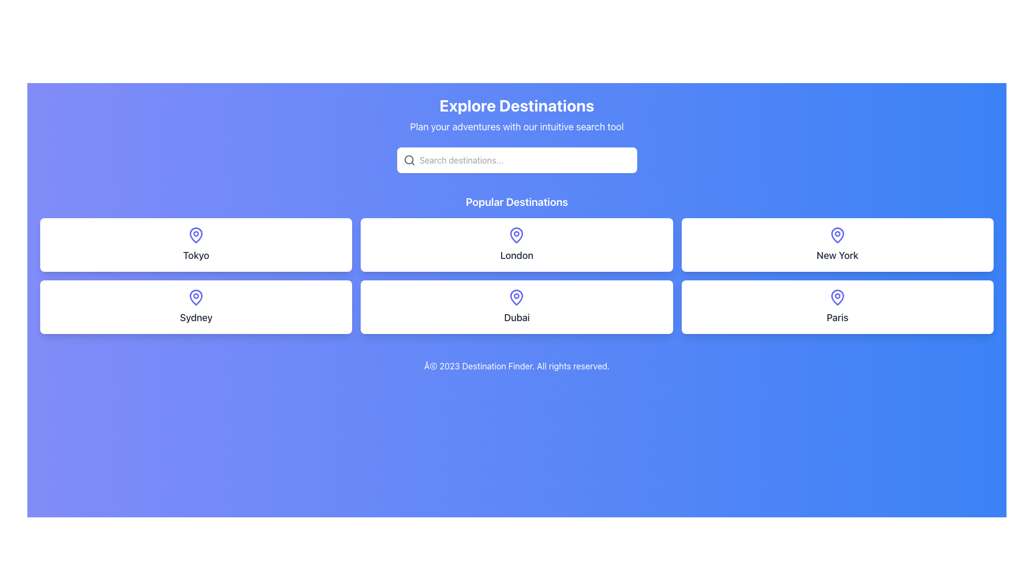 This screenshot has width=1029, height=579. I want to click on the Text Header that introduces the section above the search input field, which provides context for the content below, so click(517, 105).